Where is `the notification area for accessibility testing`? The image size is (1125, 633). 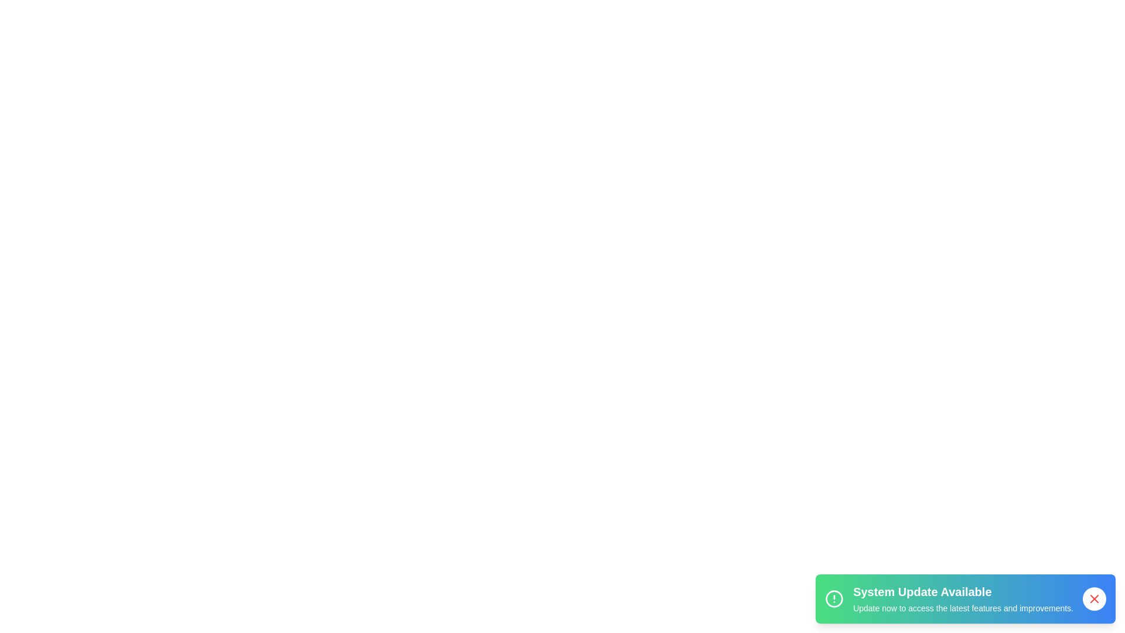 the notification area for accessibility testing is located at coordinates (965, 599).